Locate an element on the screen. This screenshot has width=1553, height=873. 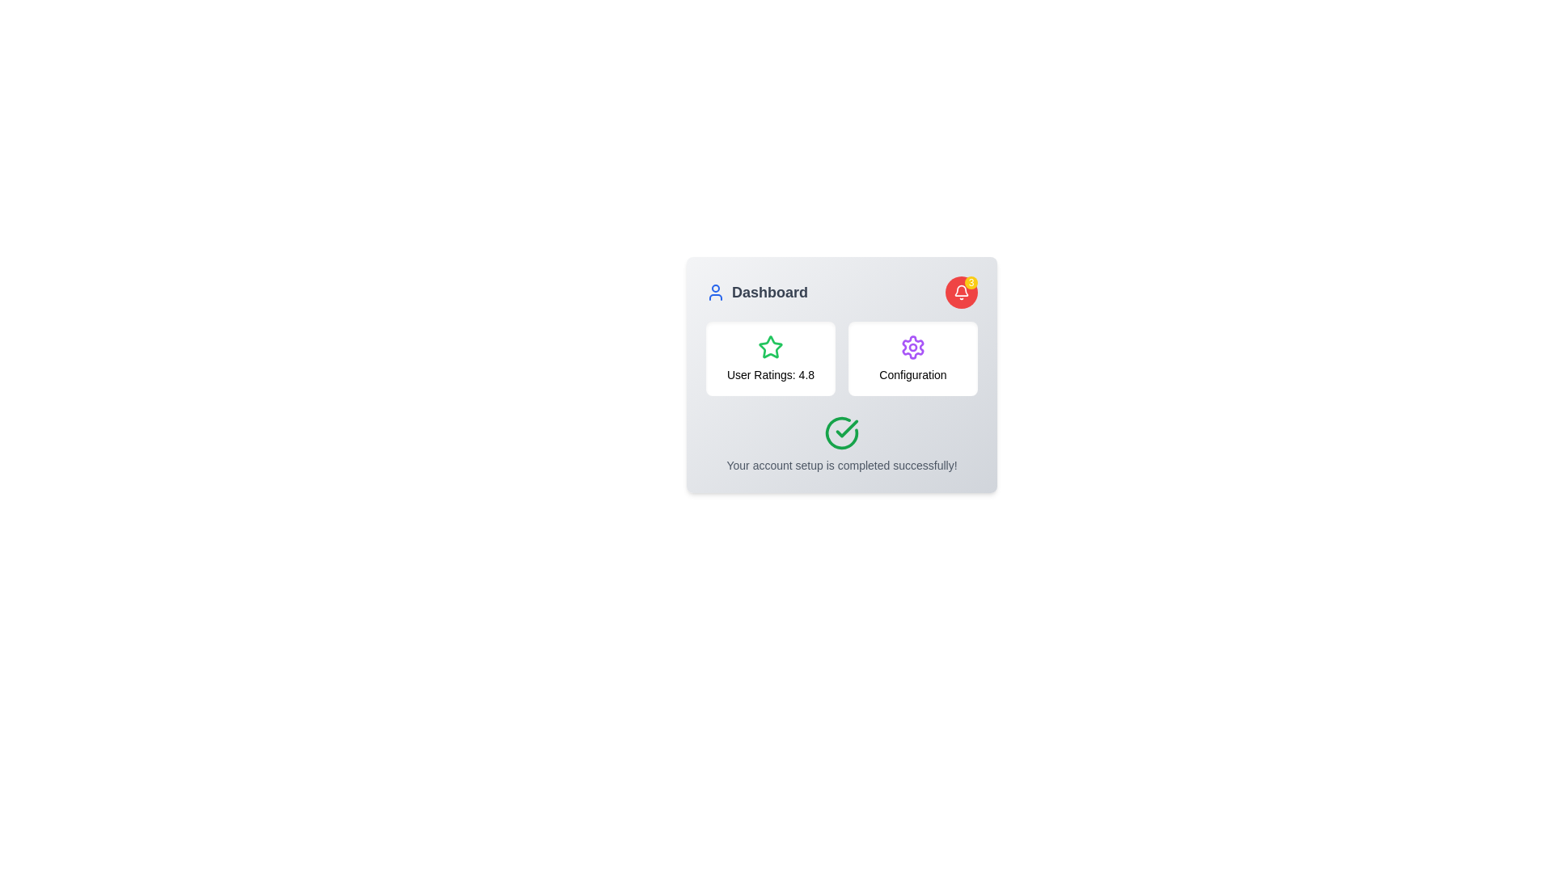
the settings icon located in the central-right area of the dashboard interface, which serves as a shortcut is located at coordinates (912, 346).